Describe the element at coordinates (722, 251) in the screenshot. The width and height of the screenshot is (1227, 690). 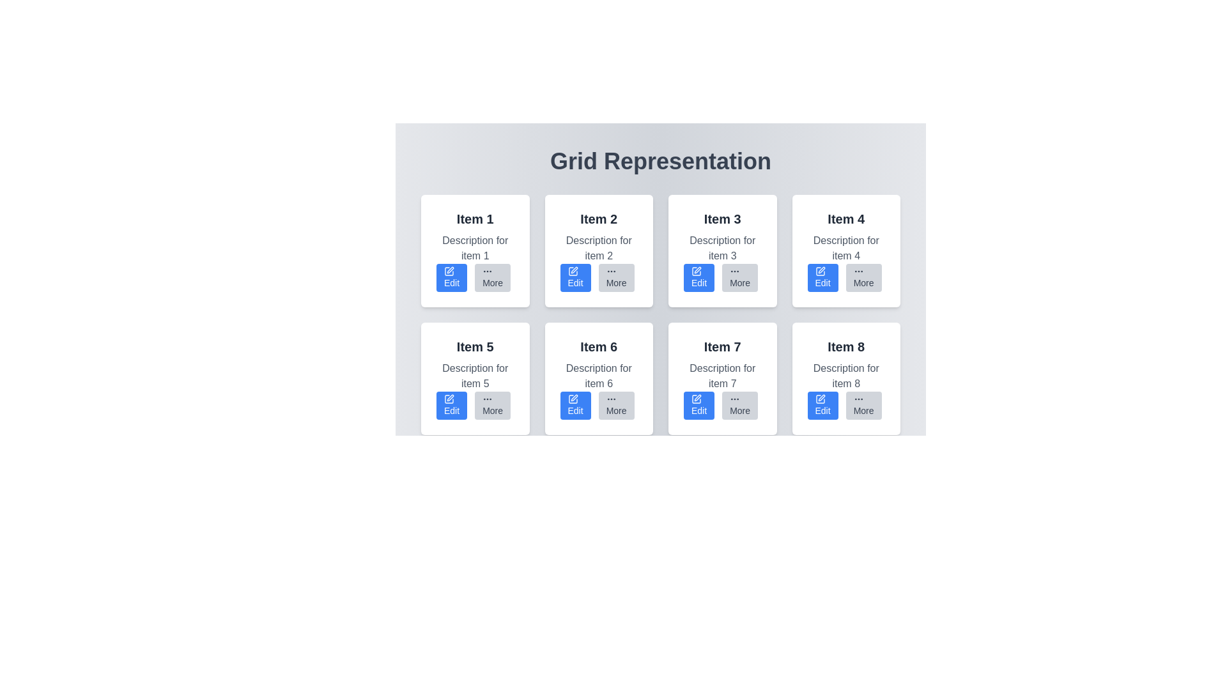
I see `the interactive card that contains 'Item 3' and its description, located in the first row and third column of the grid` at that location.